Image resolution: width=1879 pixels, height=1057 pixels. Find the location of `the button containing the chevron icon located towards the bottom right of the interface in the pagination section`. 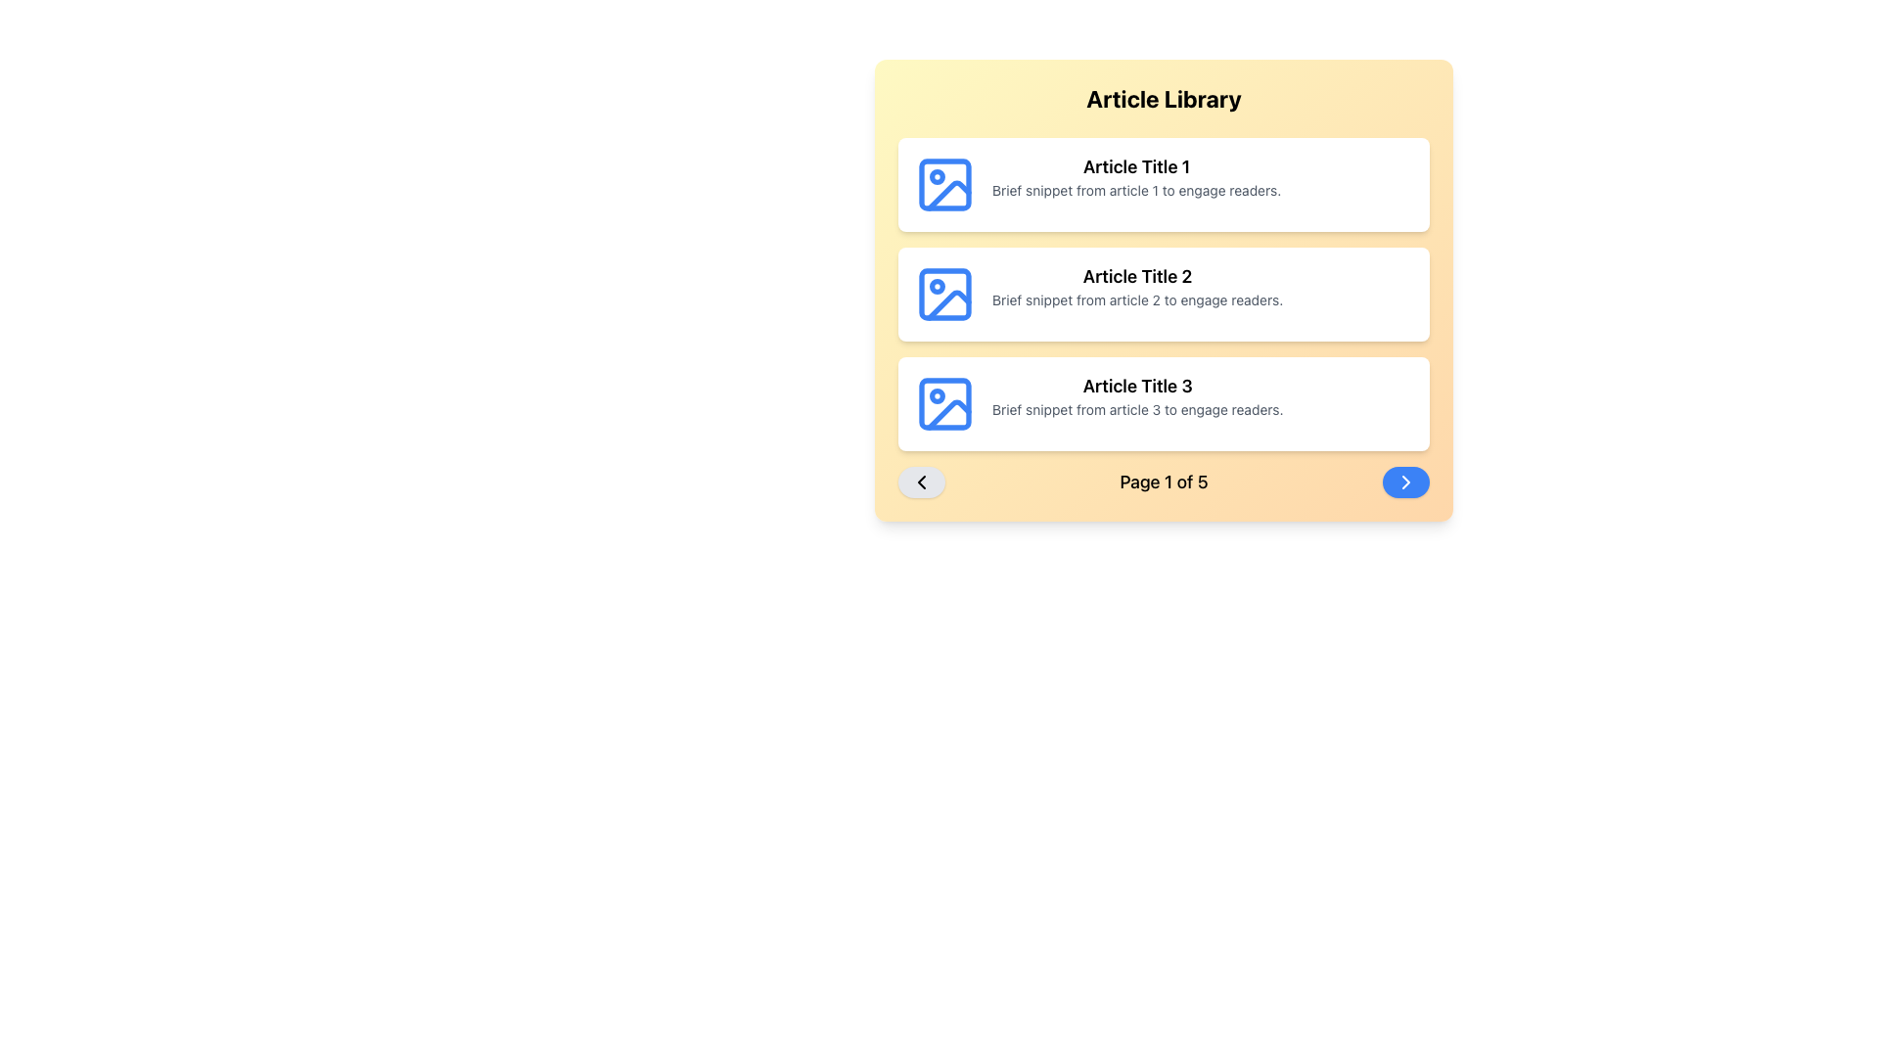

the button containing the chevron icon located towards the bottom right of the interface in the pagination section is located at coordinates (1404, 483).